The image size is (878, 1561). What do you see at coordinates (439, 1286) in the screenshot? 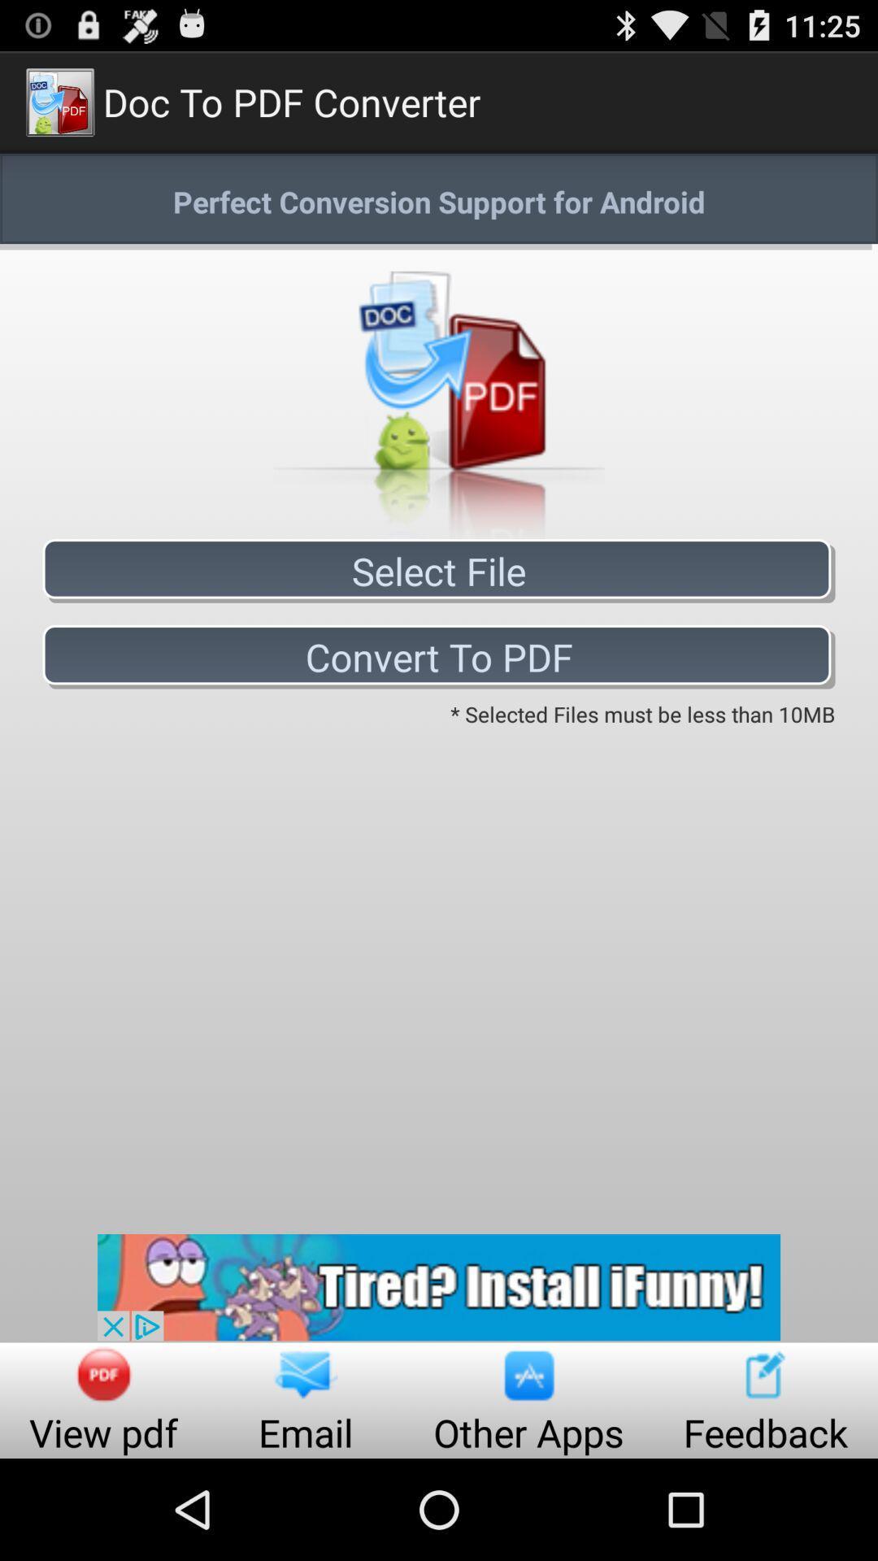
I see `advertisement page` at bounding box center [439, 1286].